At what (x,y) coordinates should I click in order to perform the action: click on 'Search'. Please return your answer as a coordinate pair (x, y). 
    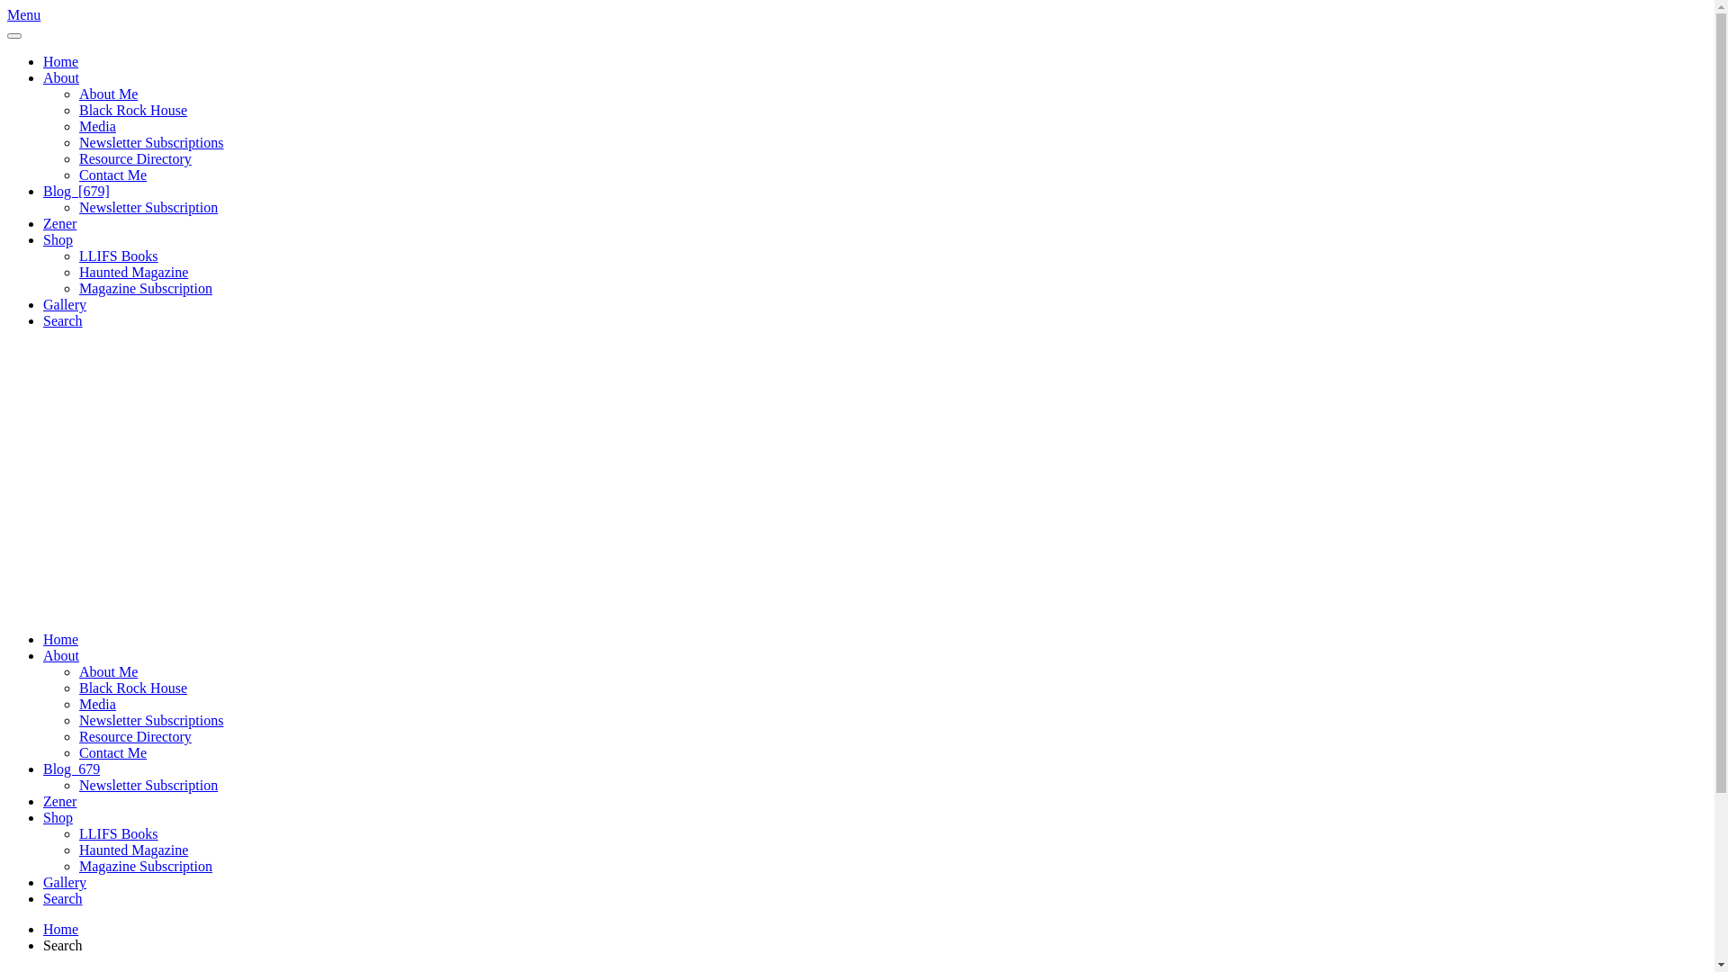
    Looking at the image, I should click on (63, 898).